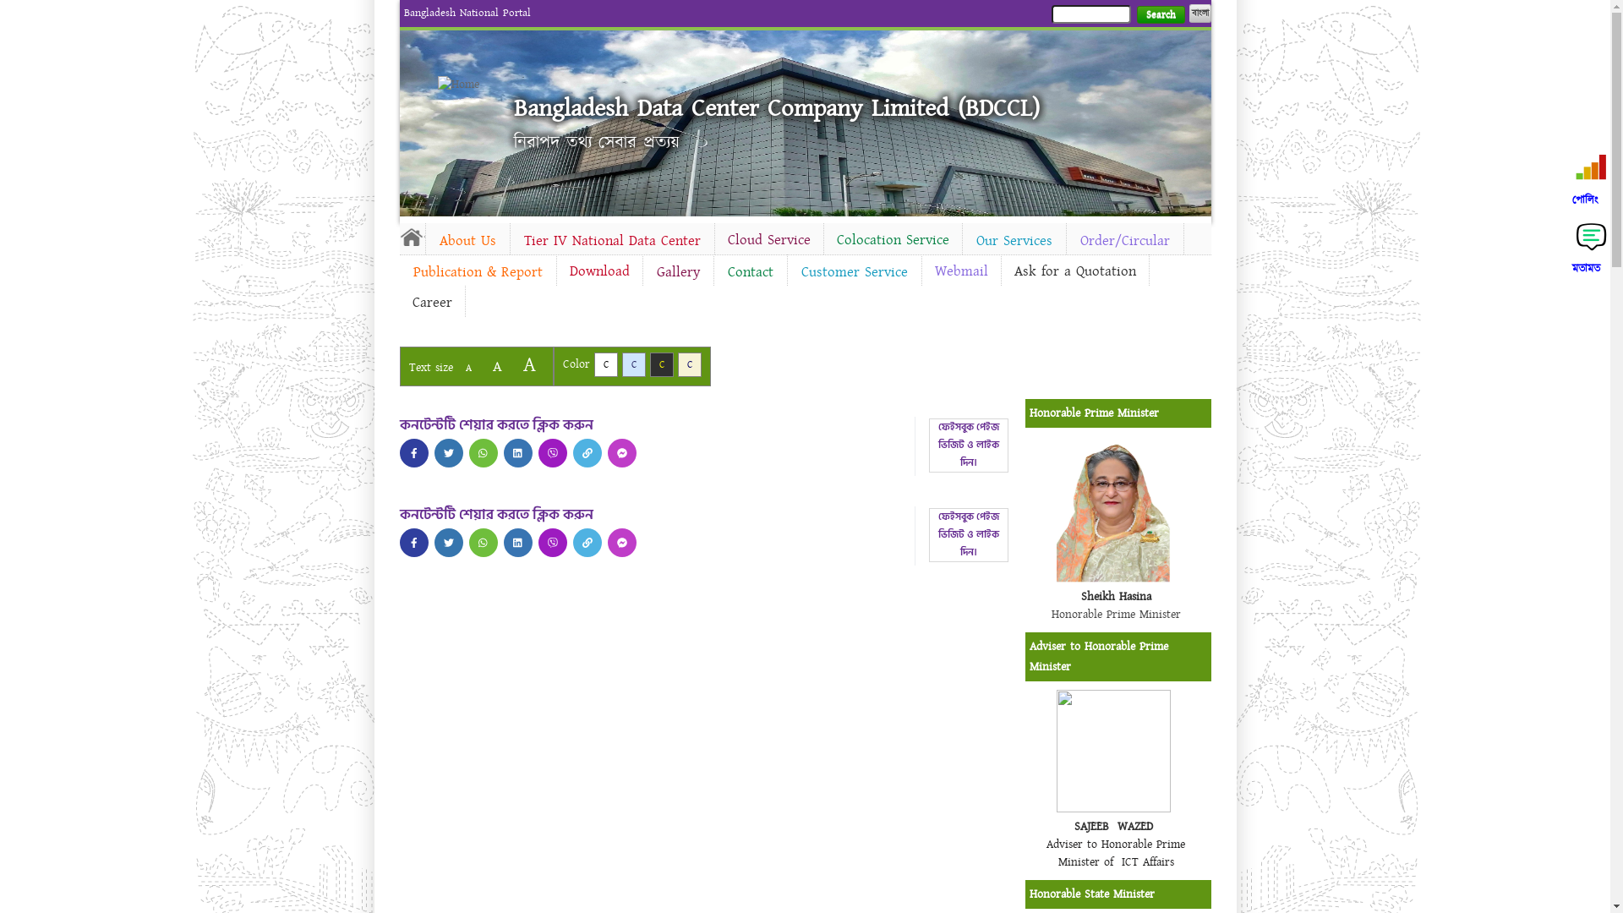 The width and height of the screenshot is (1623, 913). What do you see at coordinates (467, 367) in the screenshot?
I see `'A'` at bounding box center [467, 367].